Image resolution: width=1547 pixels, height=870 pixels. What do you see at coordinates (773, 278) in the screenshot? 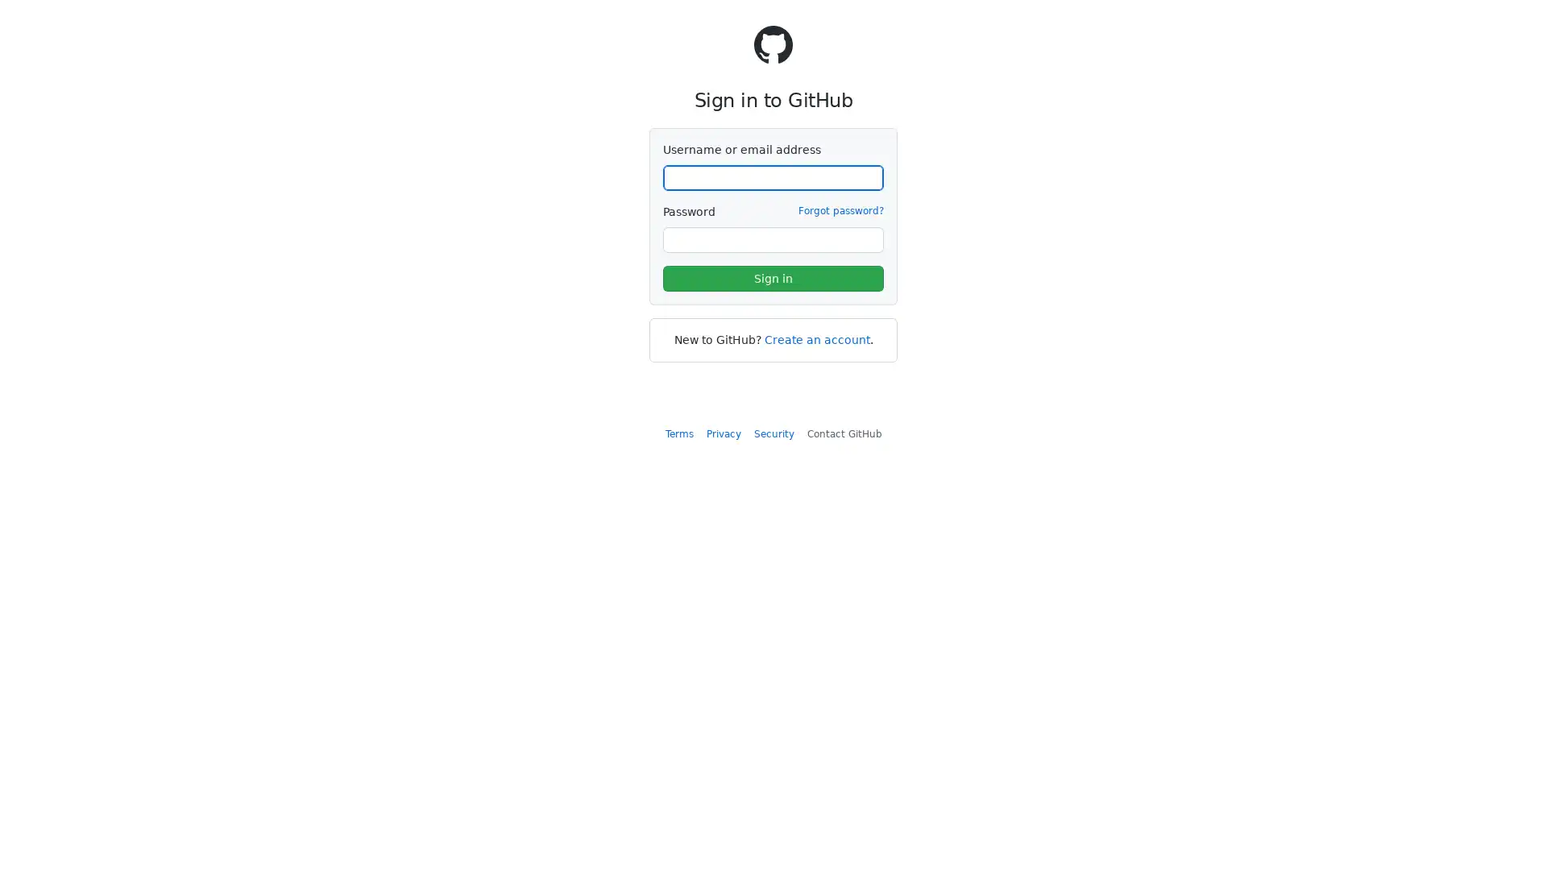
I see `Sign in` at bounding box center [773, 278].